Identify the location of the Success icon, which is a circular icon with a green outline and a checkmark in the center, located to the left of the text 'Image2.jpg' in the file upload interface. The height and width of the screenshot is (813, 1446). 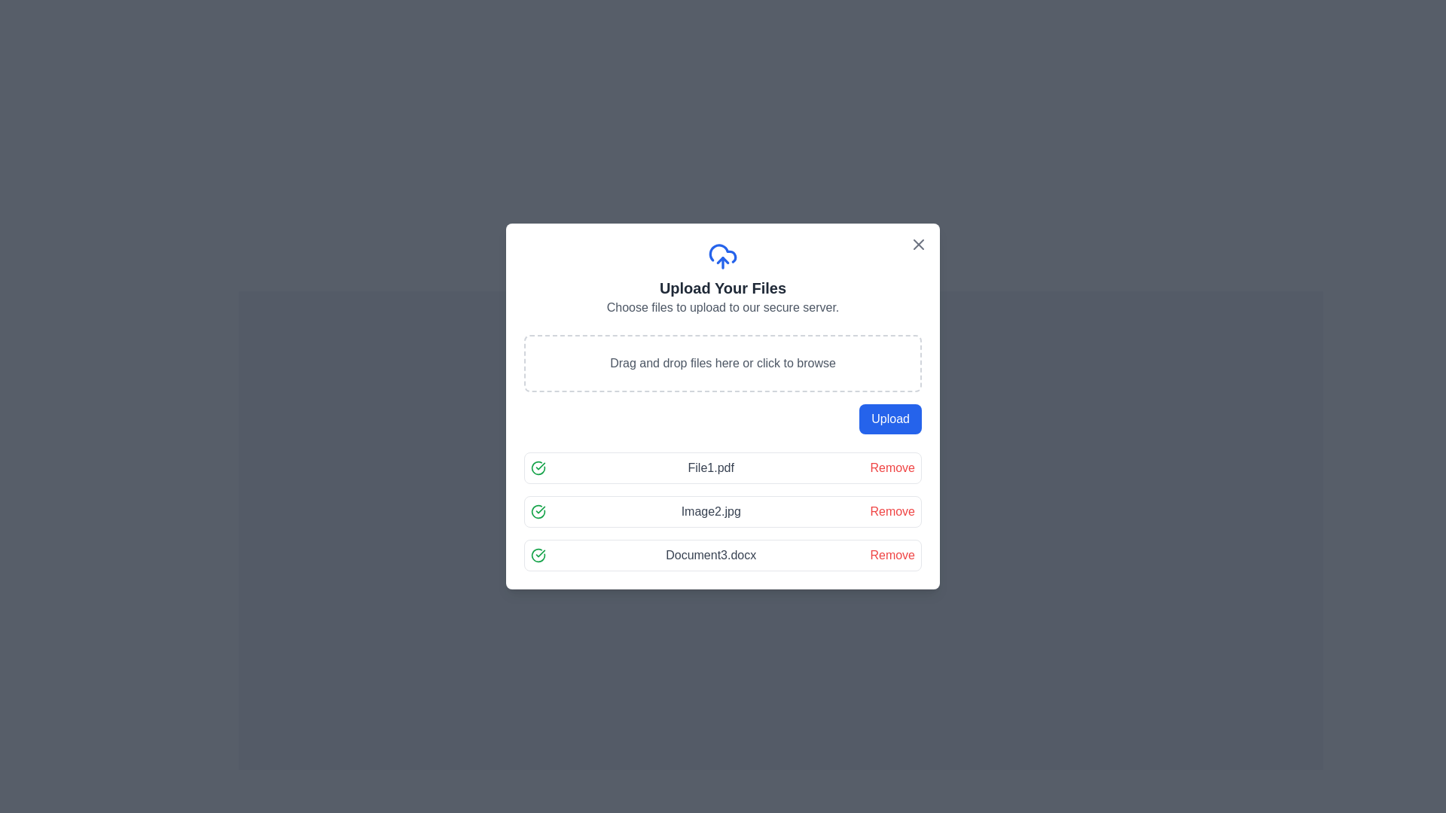
(538, 510).